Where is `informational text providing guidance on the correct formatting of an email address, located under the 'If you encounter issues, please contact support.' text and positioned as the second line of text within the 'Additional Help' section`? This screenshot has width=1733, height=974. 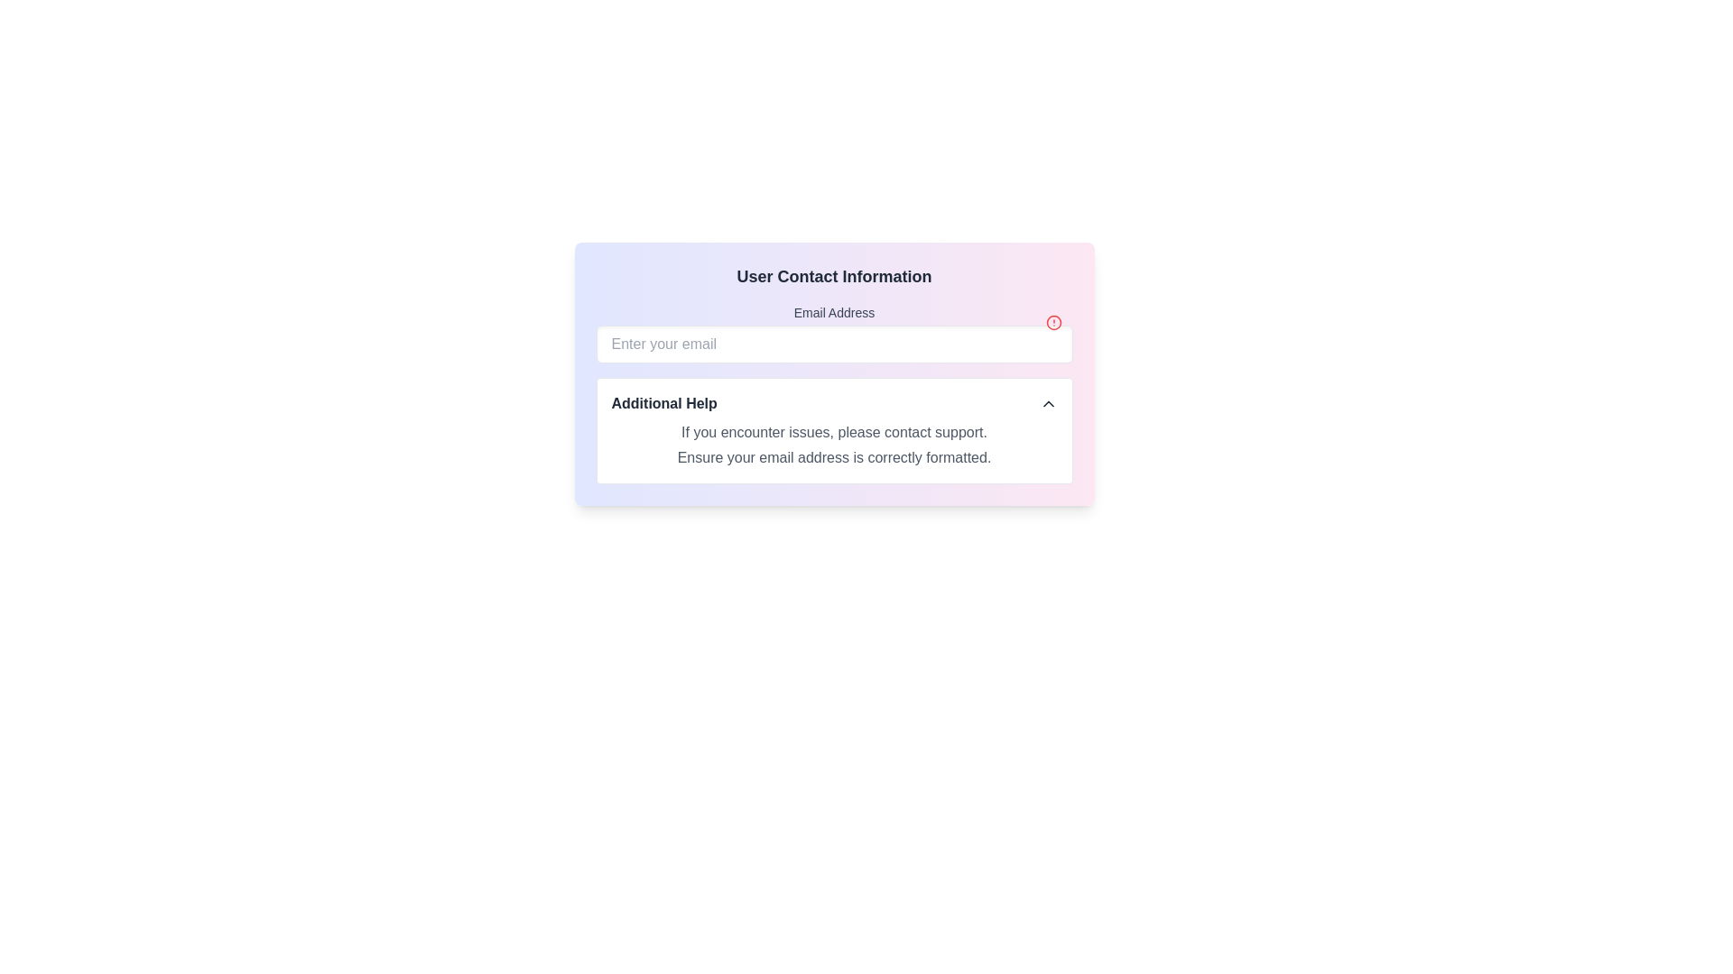 informational text providing guidance on the correct formatting of an email address, located under the 'If you encounter issues, please contact support.' text and positioned as the second line of text within the 'Additional Help' section is located at coordinates (833, 457).